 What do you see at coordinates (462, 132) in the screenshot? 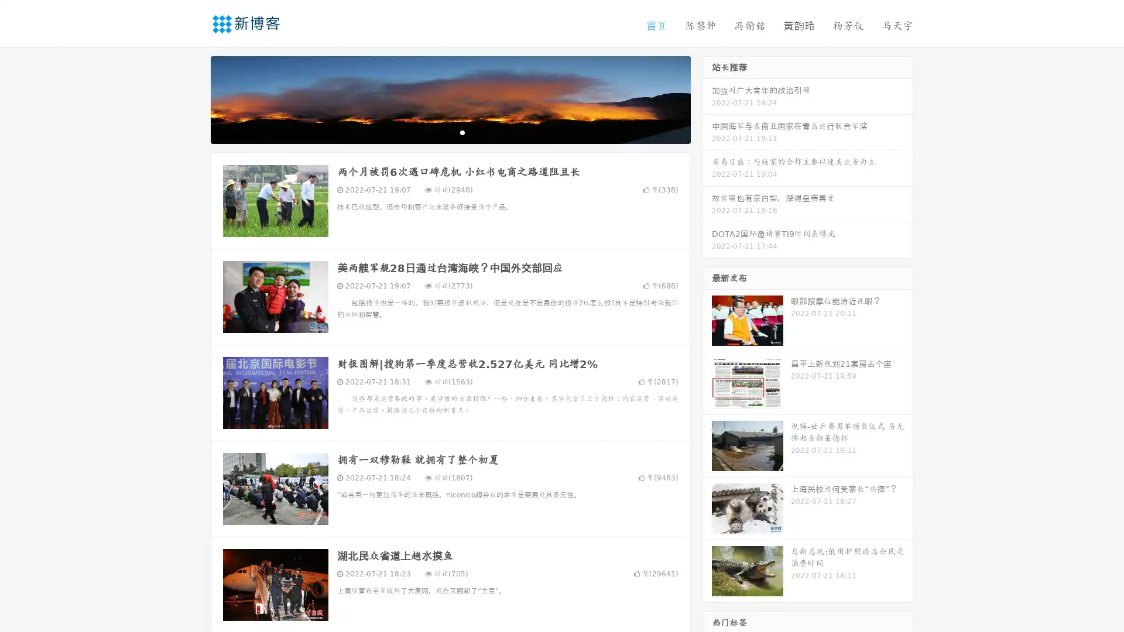
I see `Go to slide 3` at bounding box center [462, 132].